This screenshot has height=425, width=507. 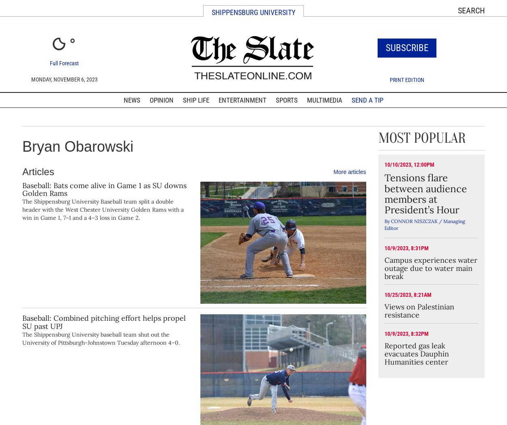 What do you see at coordinates (286, 99) in the screenshot?
I see `'Sports'` at bounding box center [286, 99].